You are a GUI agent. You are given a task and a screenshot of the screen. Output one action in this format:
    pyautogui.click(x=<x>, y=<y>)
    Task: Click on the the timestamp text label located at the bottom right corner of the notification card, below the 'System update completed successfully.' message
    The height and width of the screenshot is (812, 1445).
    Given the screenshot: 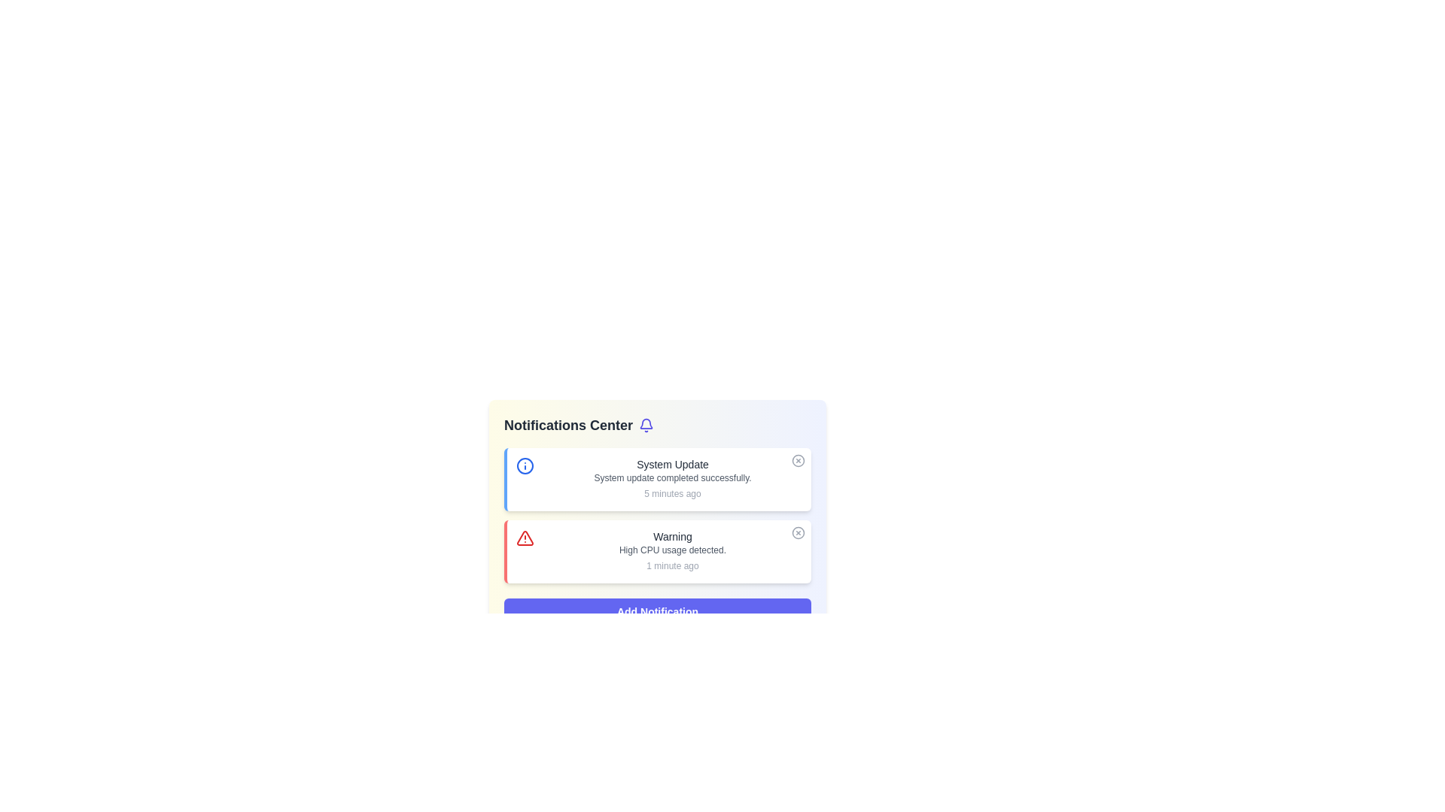 What is the action you would take?
    pyautogui.click(x=671, y=493)
    